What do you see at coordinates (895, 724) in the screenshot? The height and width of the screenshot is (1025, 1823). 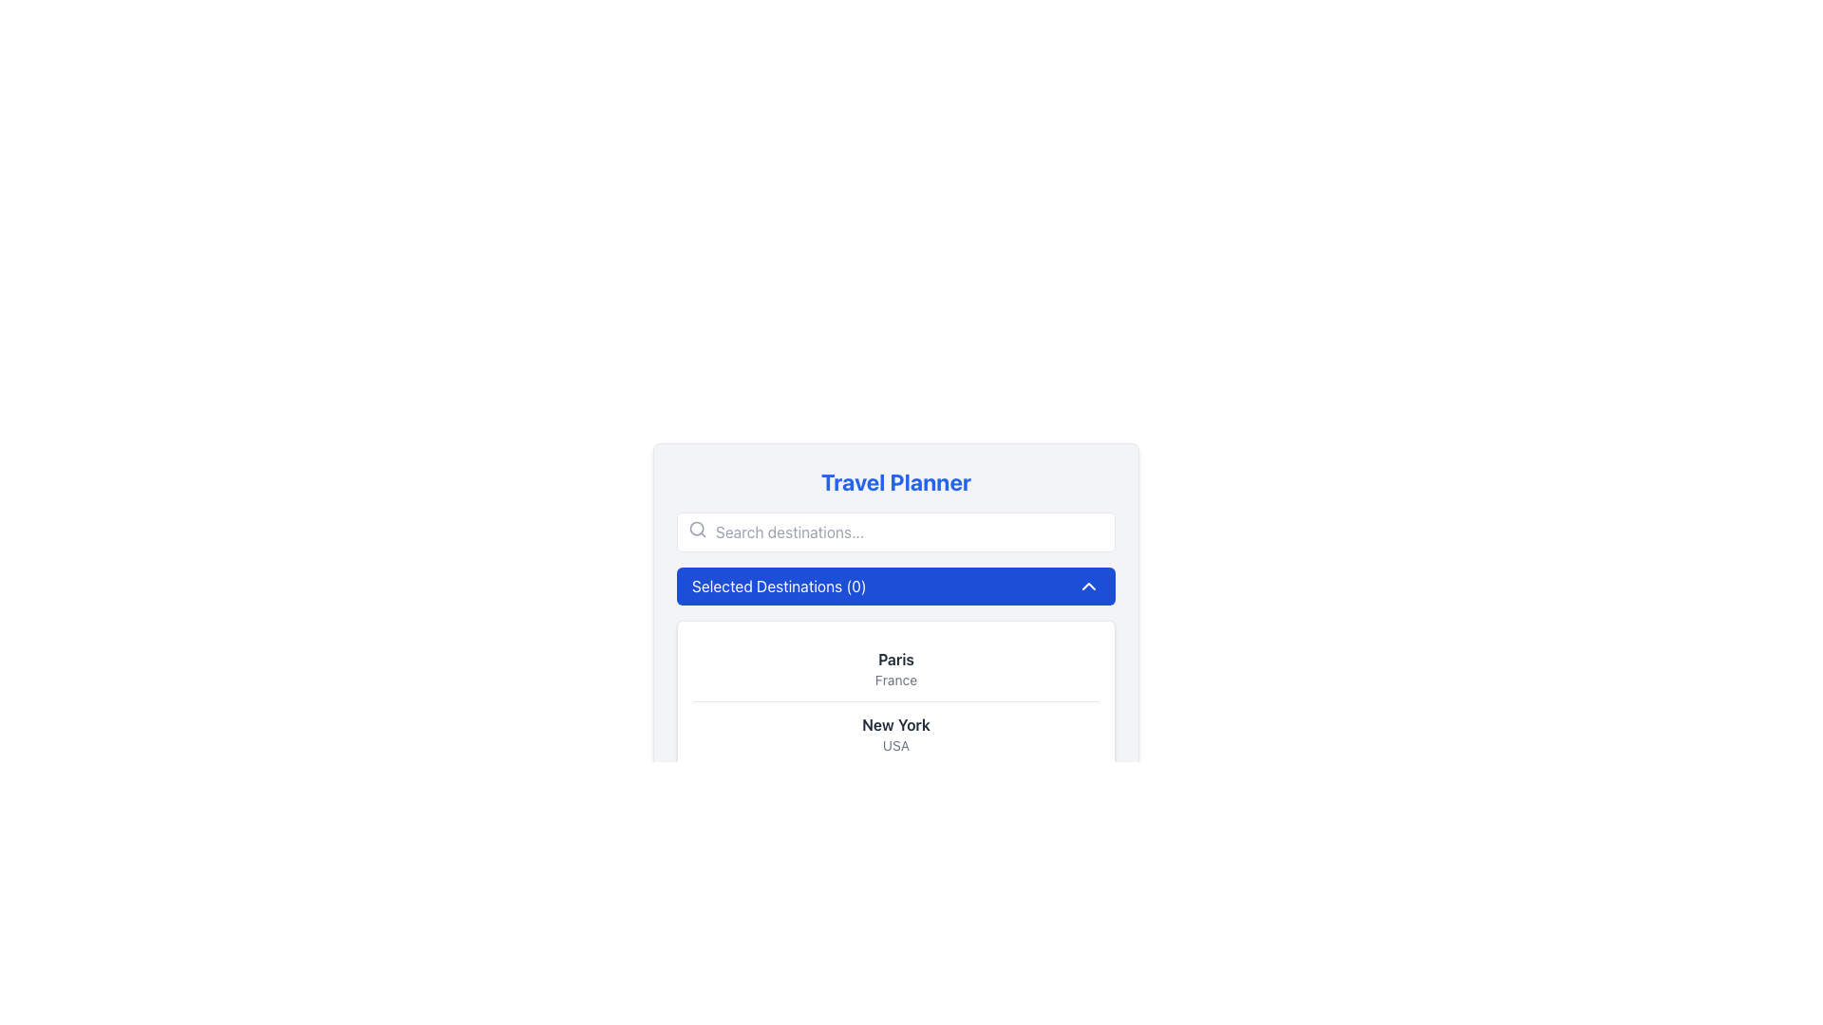 I see `the text label indicating the city name 'New York', which is part of a selectable destination entry located in a list of destinations above 'USA'` at bounding box center [895, 724].